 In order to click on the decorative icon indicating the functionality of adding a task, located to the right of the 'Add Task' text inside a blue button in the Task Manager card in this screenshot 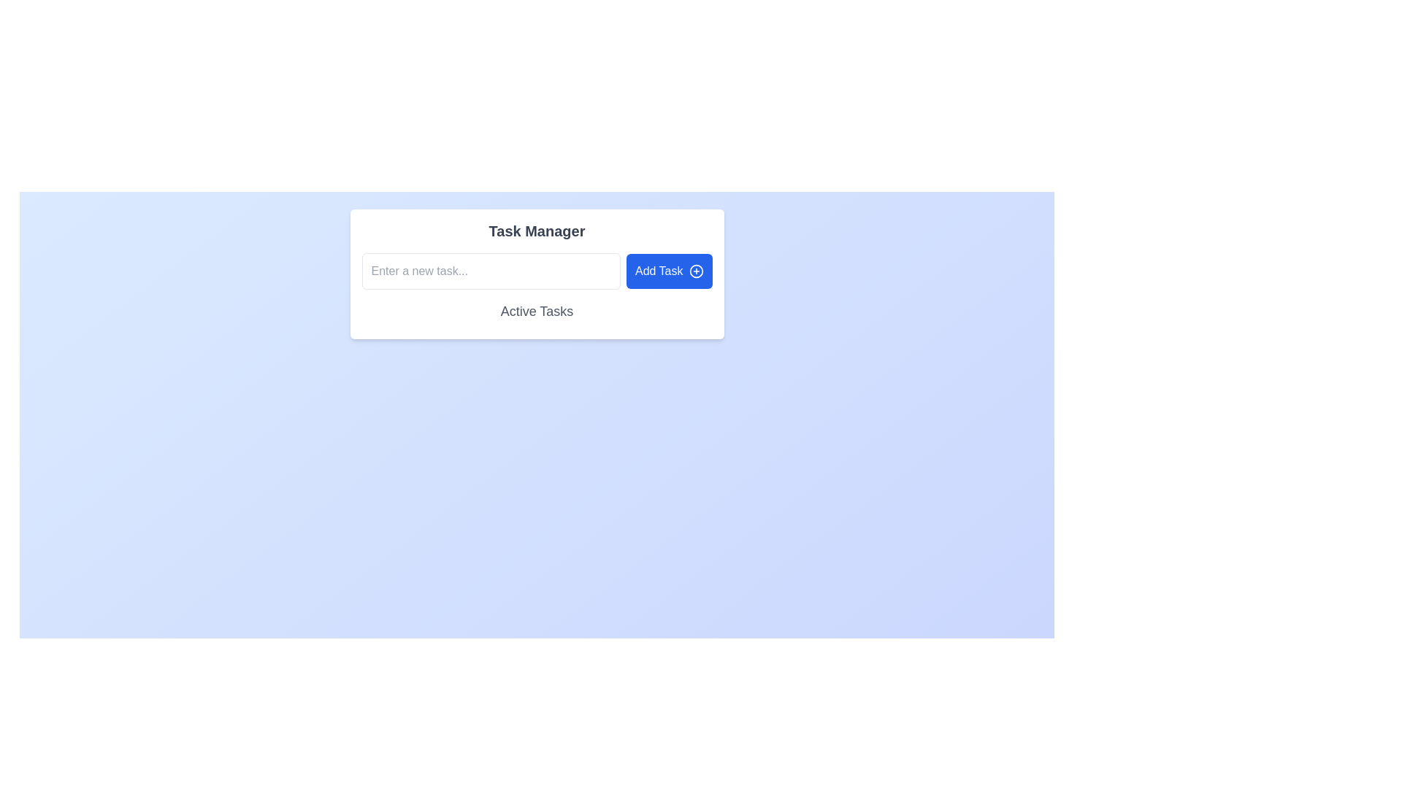, I will do `click(695, 271)`.